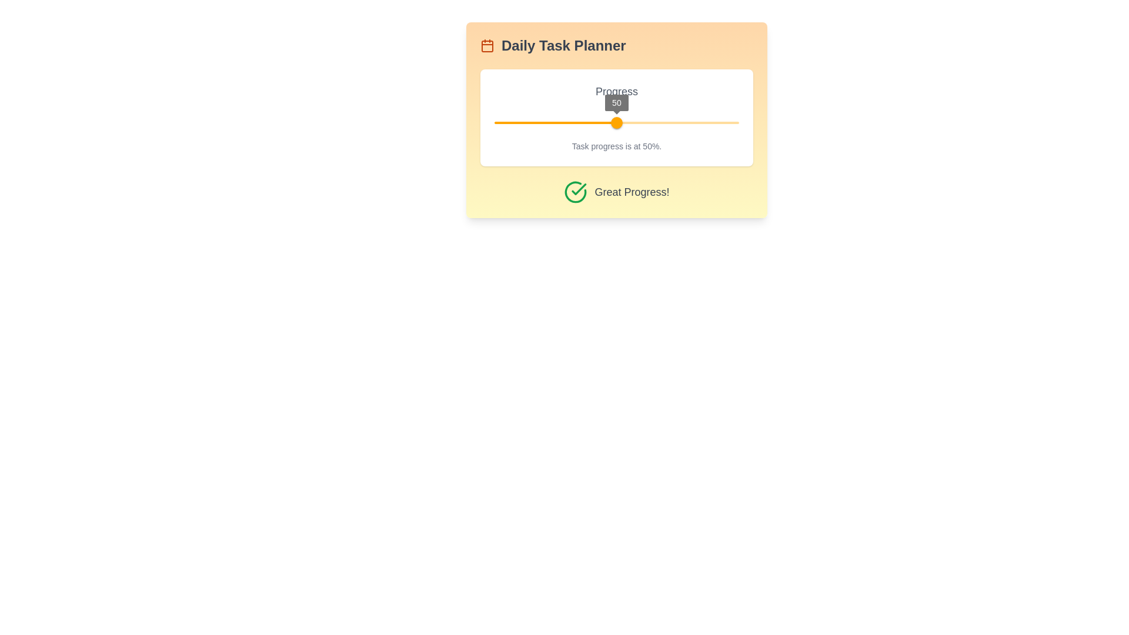 The width and height of the screenshot is (1129, 635). What do you see at coordinates (579, 188) in the screenshot?
I see `the success icon located immediately to the left of the label 'Great Progress!' in the task progress component` at bounding box center [579, 188].